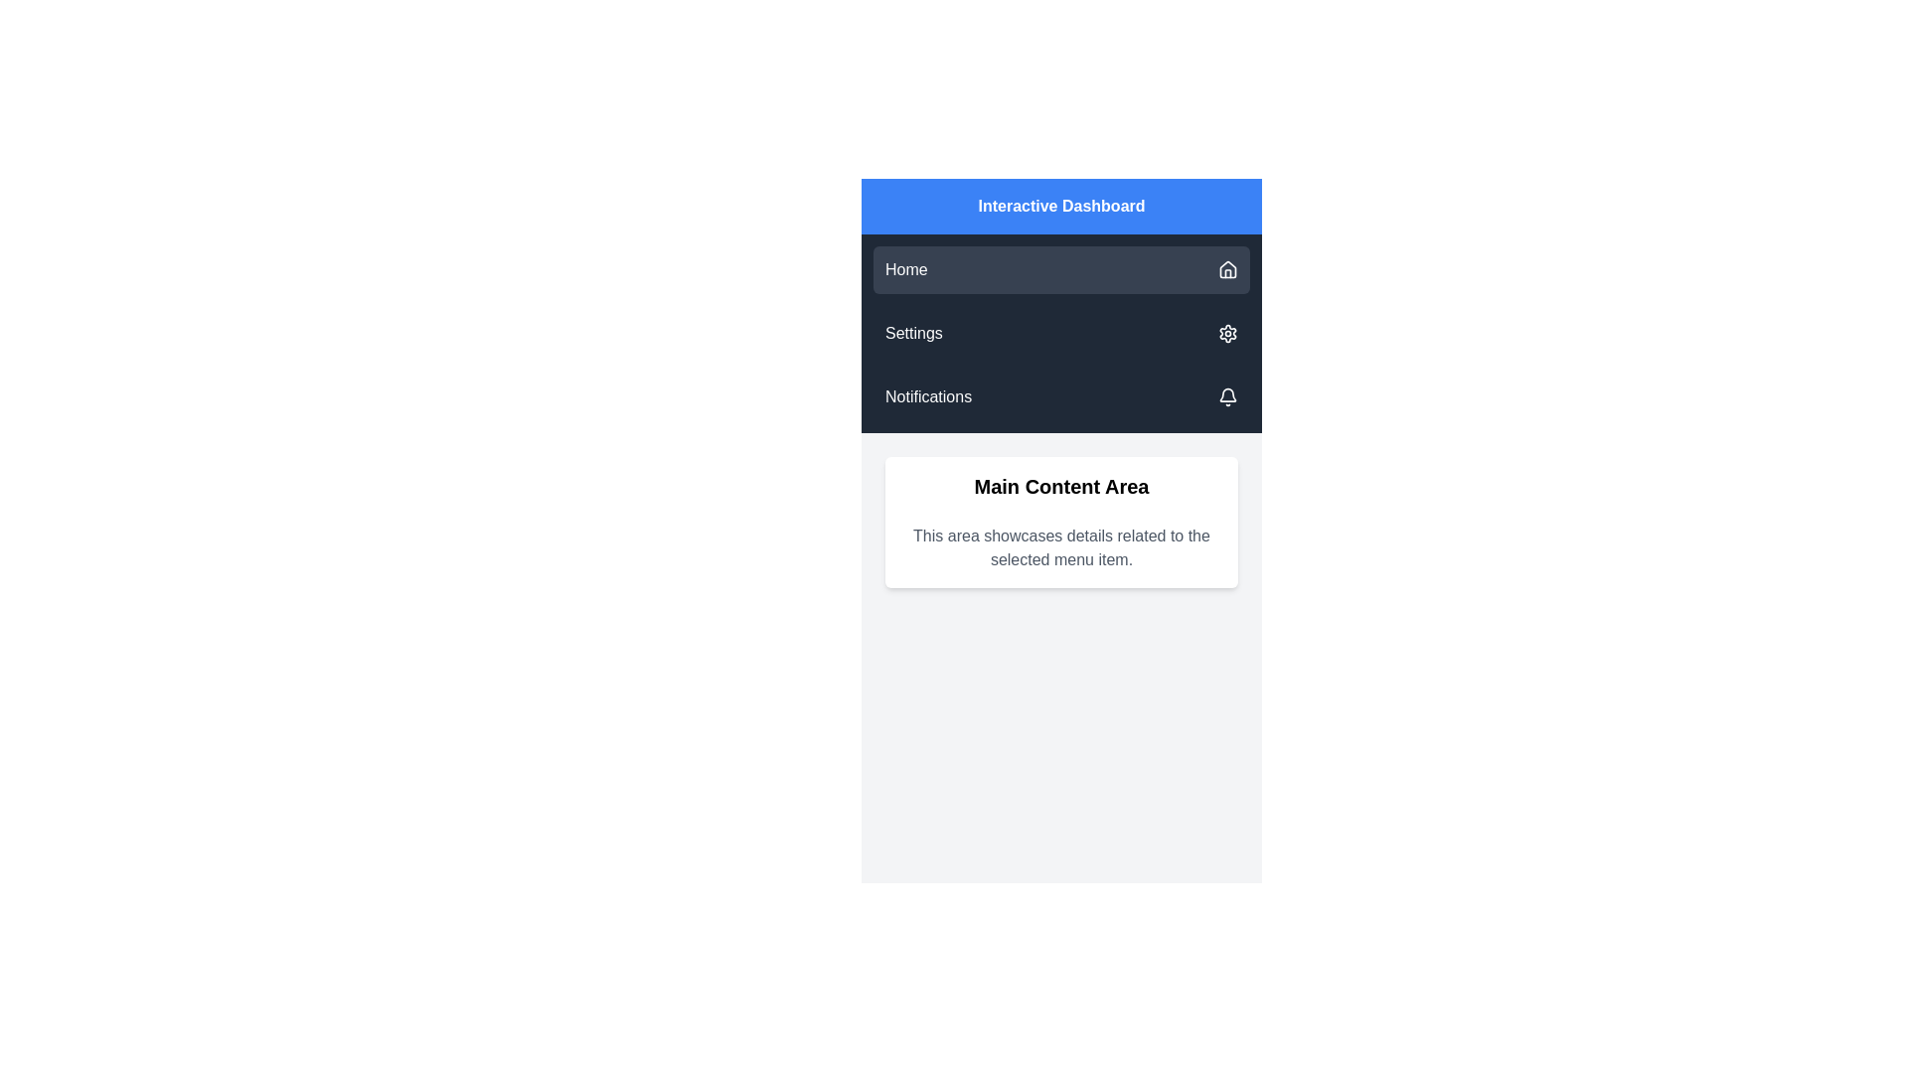 Image resolution: width=1908 pixels, height=1073 pixels. What do you see at coordinates (1060, 207) in the screenshot?
I see `the Header label with bold white text that reads 'Interactive Dashboard', which has a solid blue background and is located at the top of the interface` at bounding box center [1060, 207].